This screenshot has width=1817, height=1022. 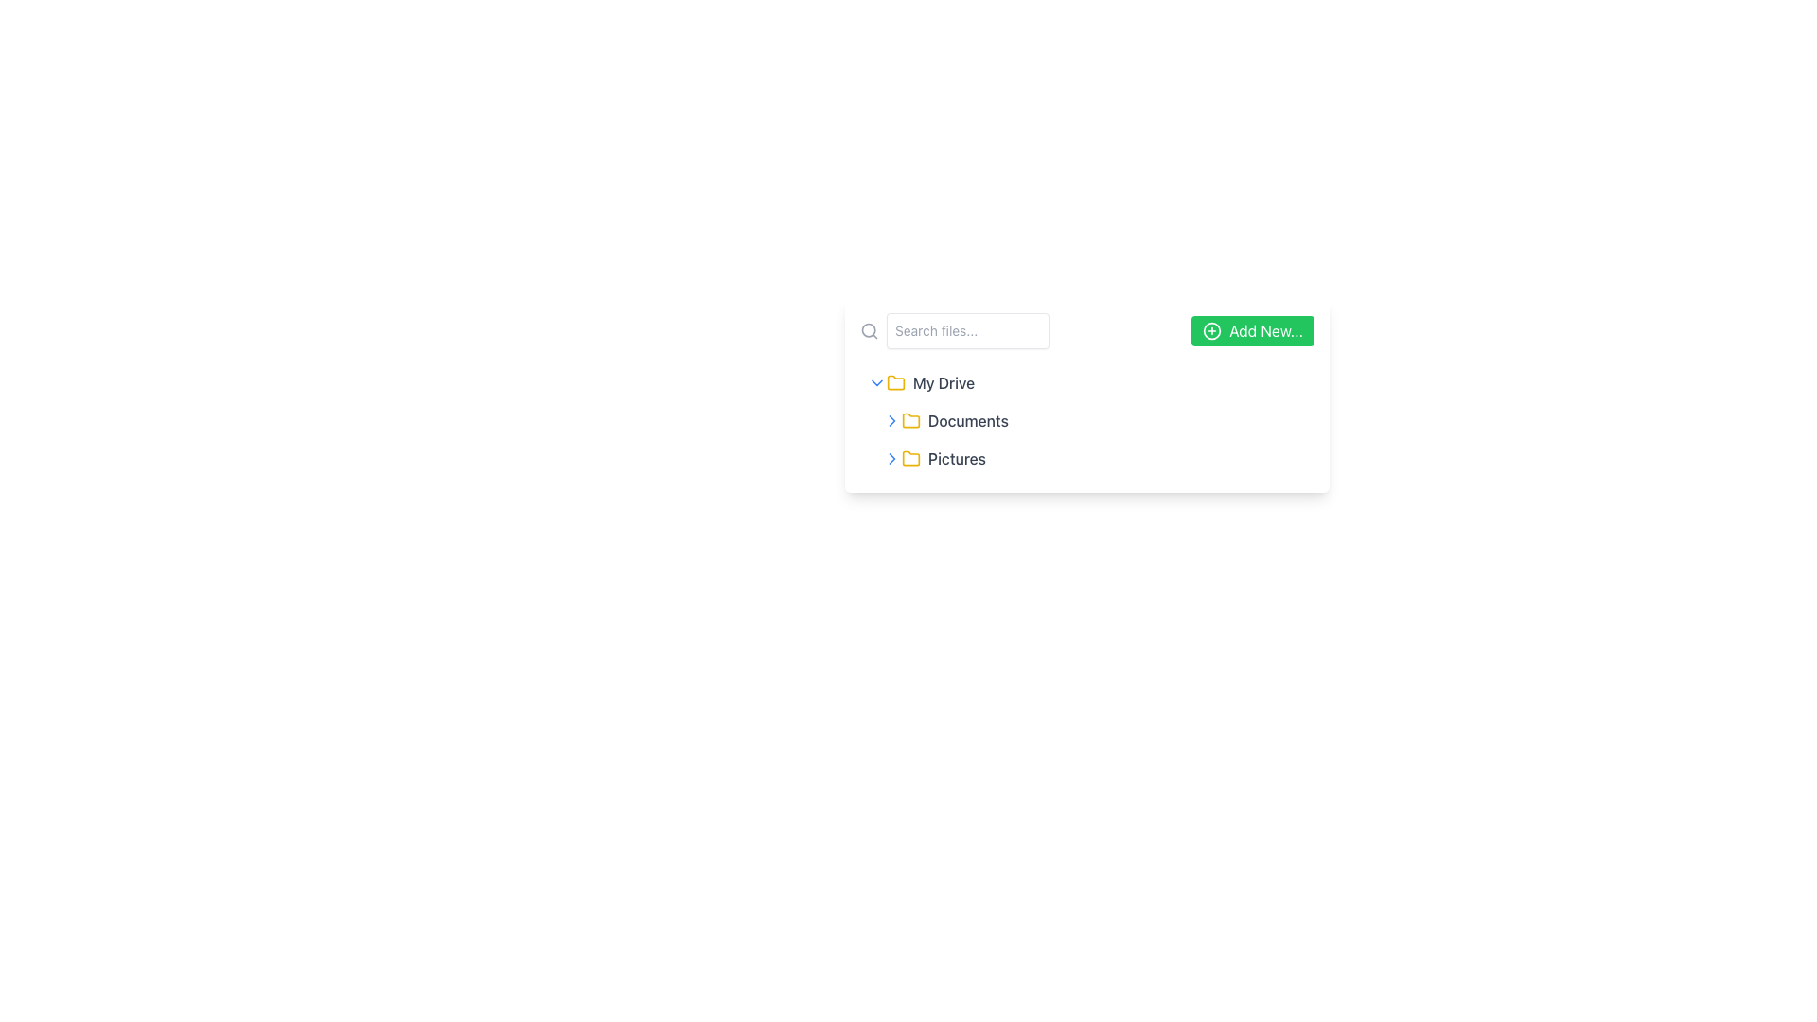 I want to click on the rightward-facing chevron icon with a blue stroke located, so click(x=891, y=419).